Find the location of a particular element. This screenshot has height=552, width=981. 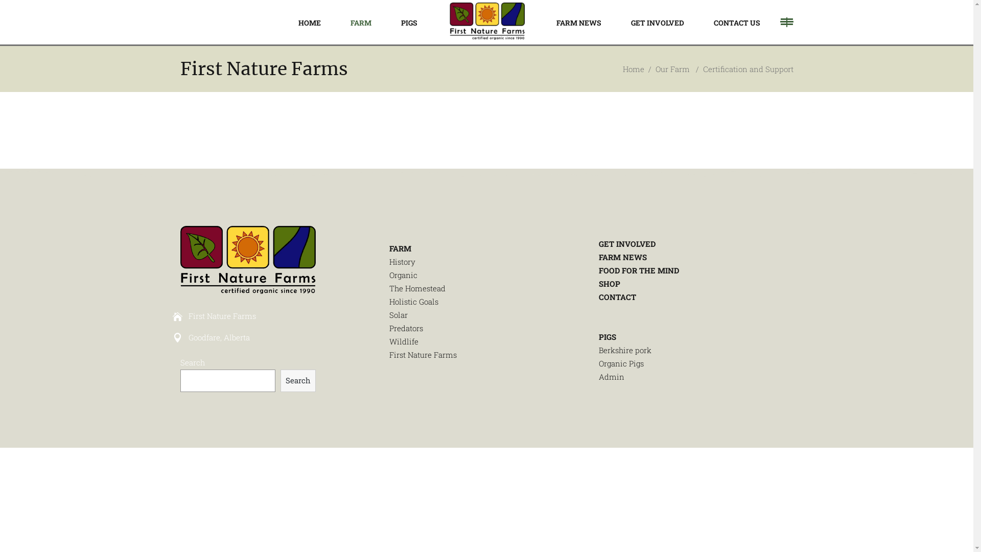

'Home' is located at coordinates (632, 69).